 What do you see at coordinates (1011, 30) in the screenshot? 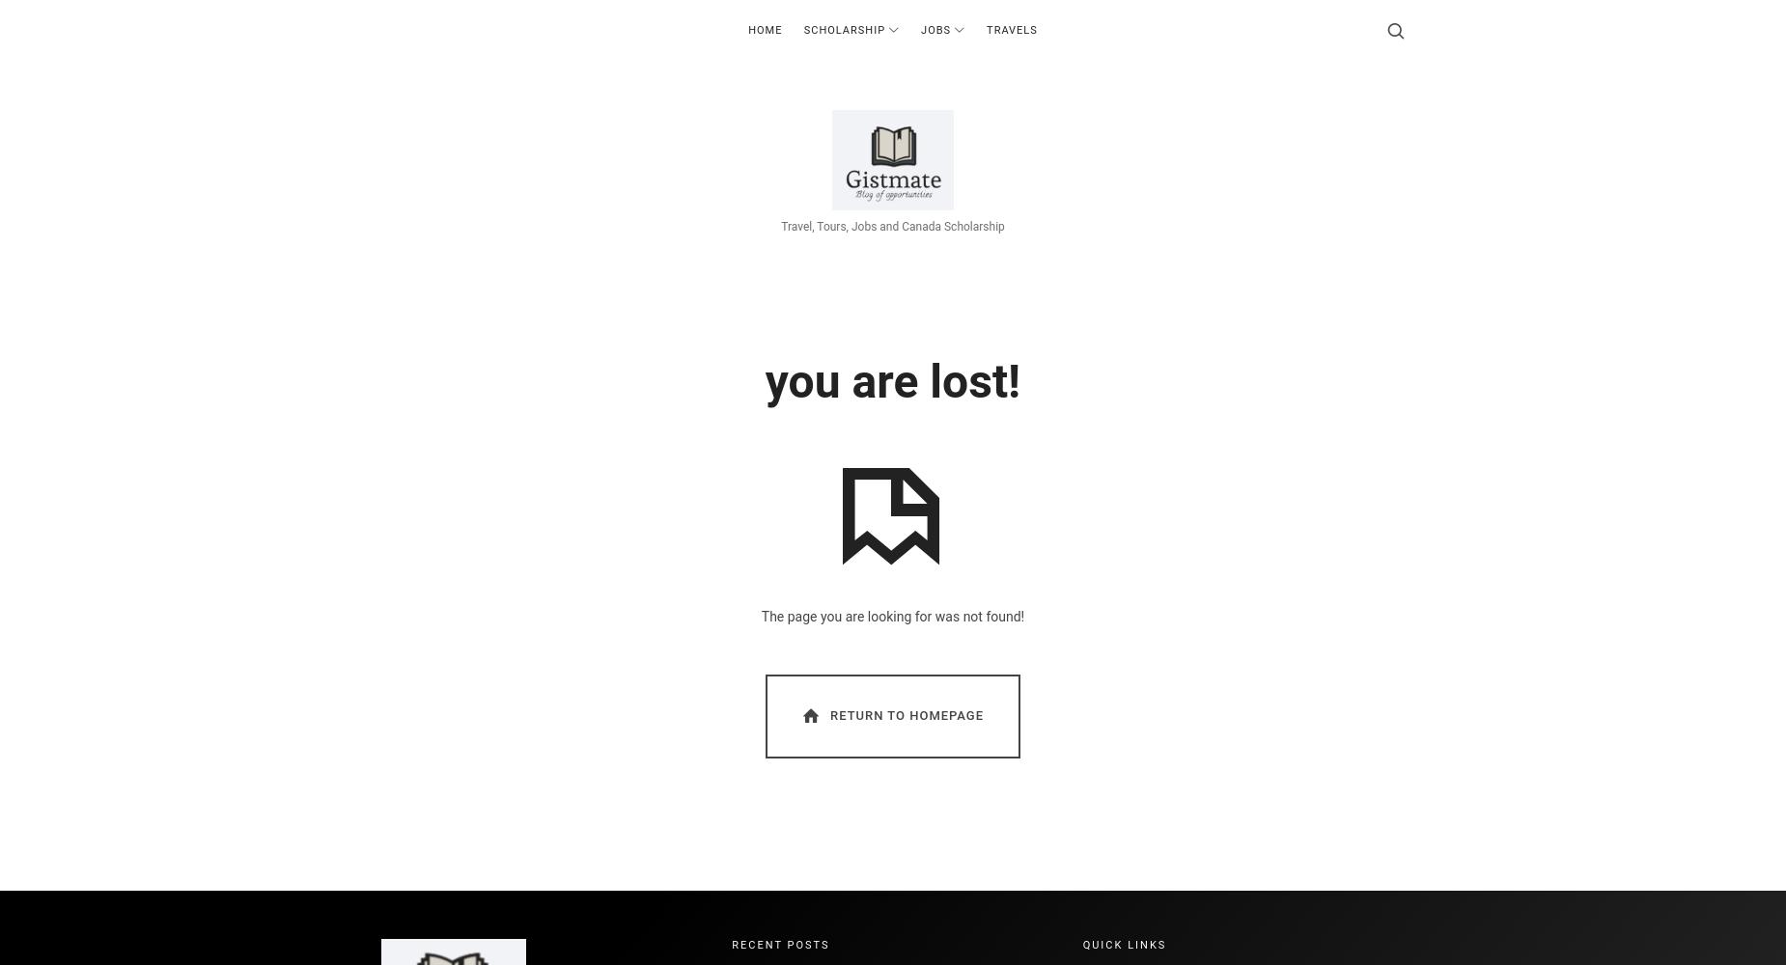
I see `'Travels'` at bounding box center [1011, 30].